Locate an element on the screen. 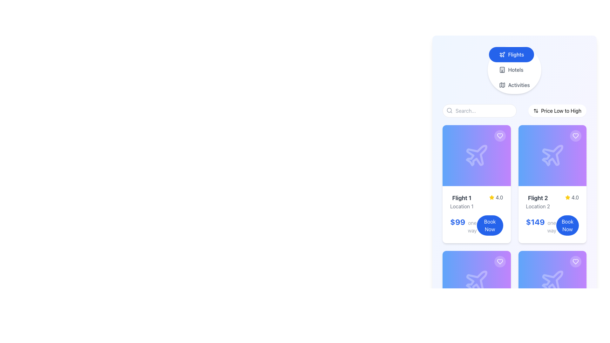 The height and width of the screenshot is (343, 610). the yellow star-shaped icon representing a rating of 4.0 located in the right-hand column of the first row of flight listing cards is located at coordinates (567, 197).